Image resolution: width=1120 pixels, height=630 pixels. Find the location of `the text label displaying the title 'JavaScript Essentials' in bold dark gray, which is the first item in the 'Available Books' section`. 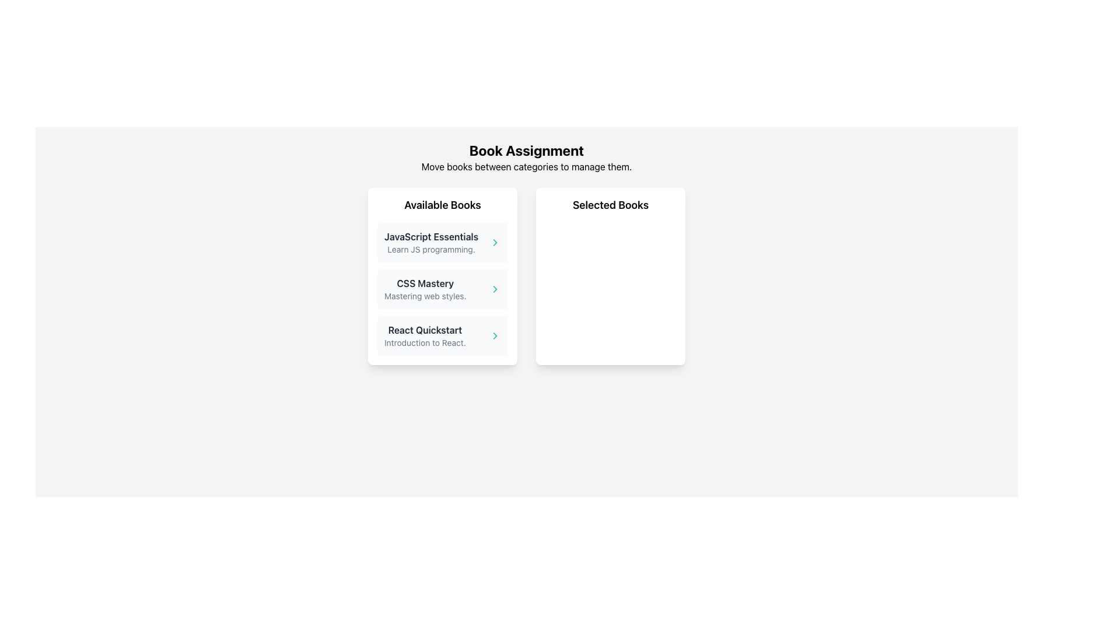

the text label displaying the title 'JavaScript Essentials' in bold dark gray, which is the first item in the 'Available Books' section is located at coordinates (430, 236).